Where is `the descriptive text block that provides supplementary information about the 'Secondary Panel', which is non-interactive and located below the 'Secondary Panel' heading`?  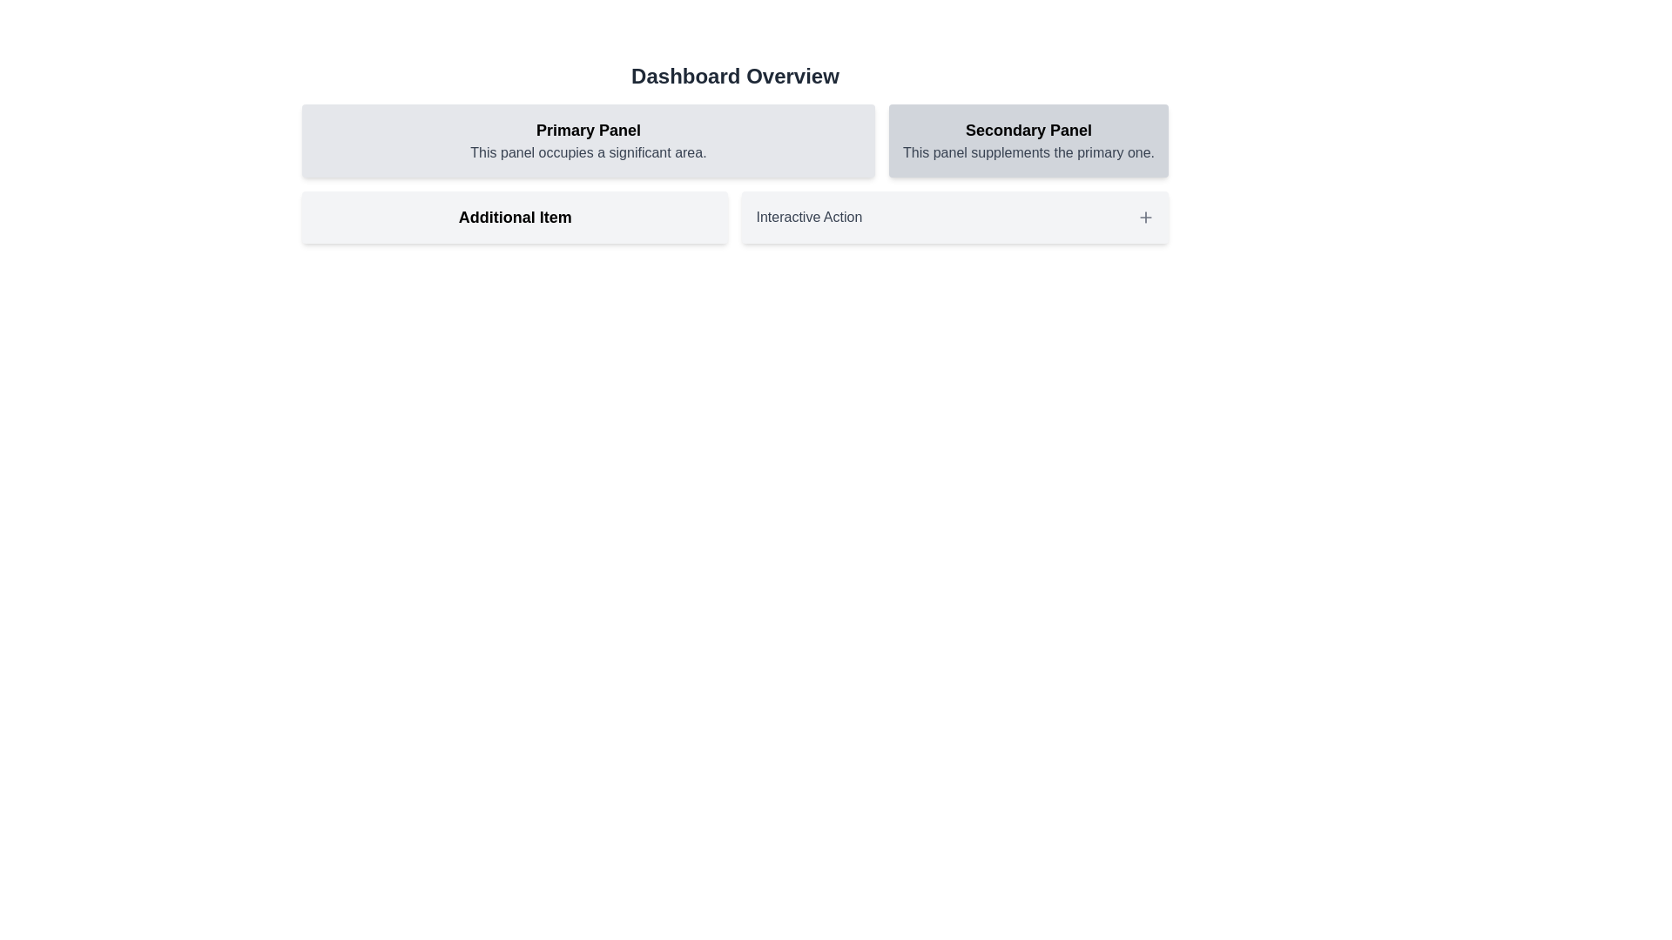
the descriptive text block that provides supplementary information about the 'Secondary Panel', which is non-interactive and located below the 'Secondary Panel' heading is located at coordinates (1028, 152).